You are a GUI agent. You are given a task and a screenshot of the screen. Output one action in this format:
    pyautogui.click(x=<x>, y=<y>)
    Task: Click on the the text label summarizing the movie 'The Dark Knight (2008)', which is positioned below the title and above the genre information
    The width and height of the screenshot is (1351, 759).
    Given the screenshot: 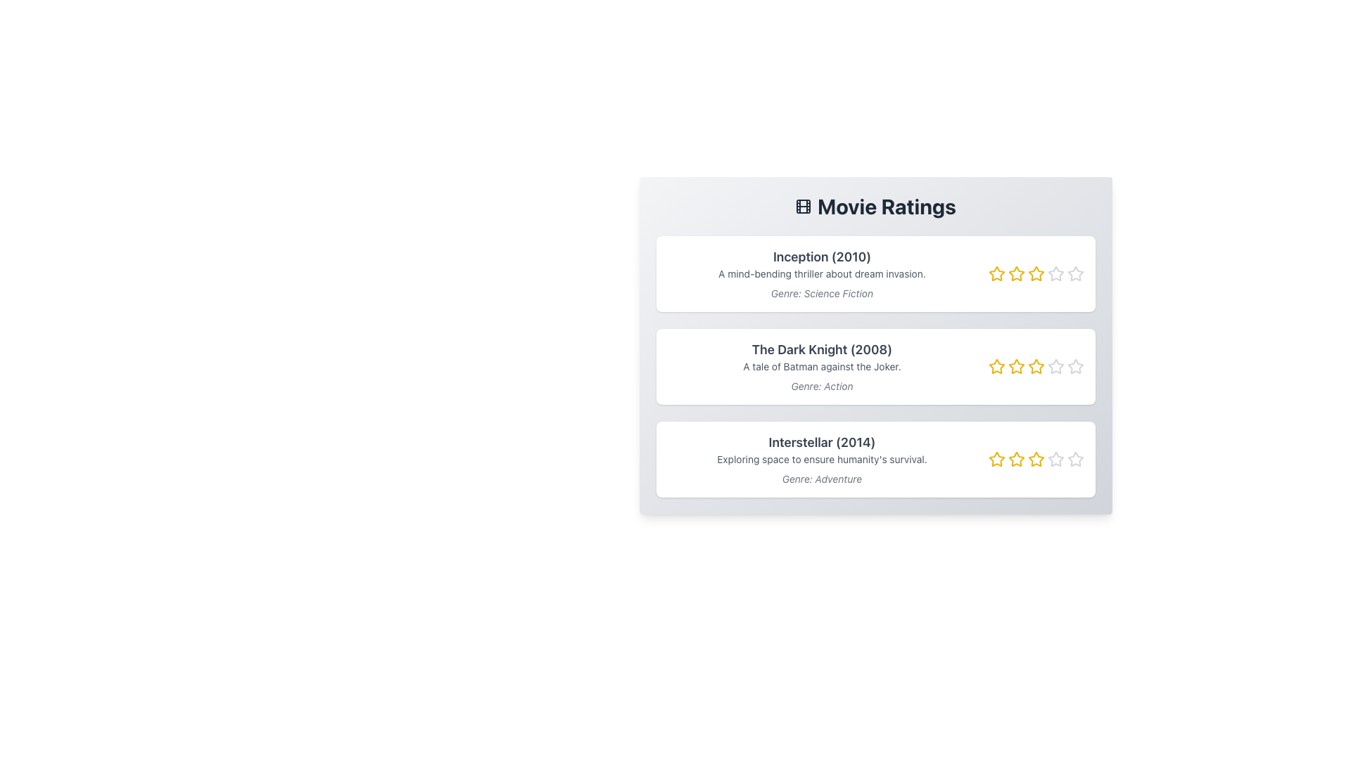 What is the action you would take?
    pyautogui.click(x=822, y=365)
    